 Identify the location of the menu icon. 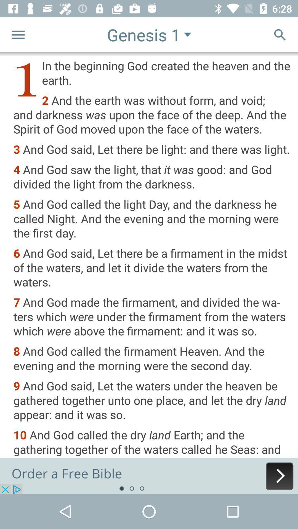
(18, 34).